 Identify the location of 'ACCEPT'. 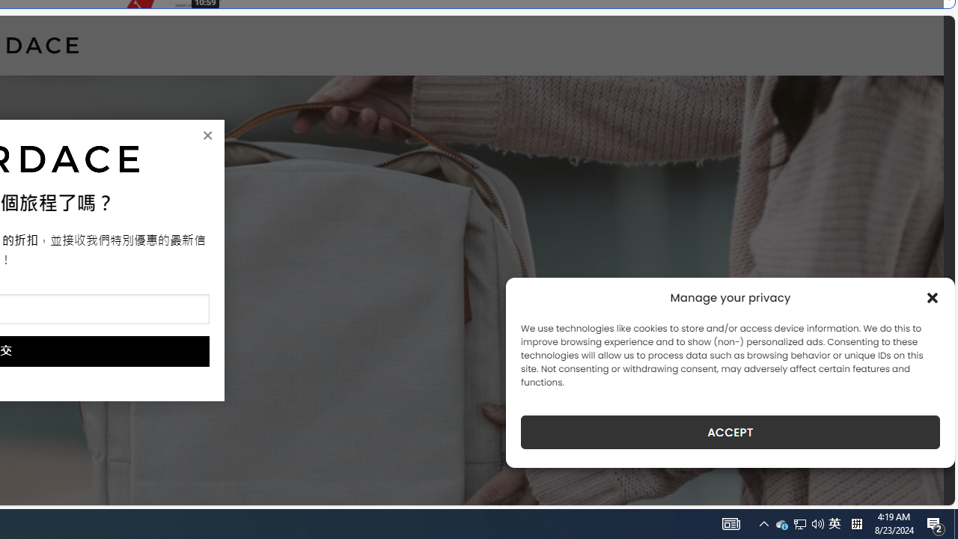
(730, 432).